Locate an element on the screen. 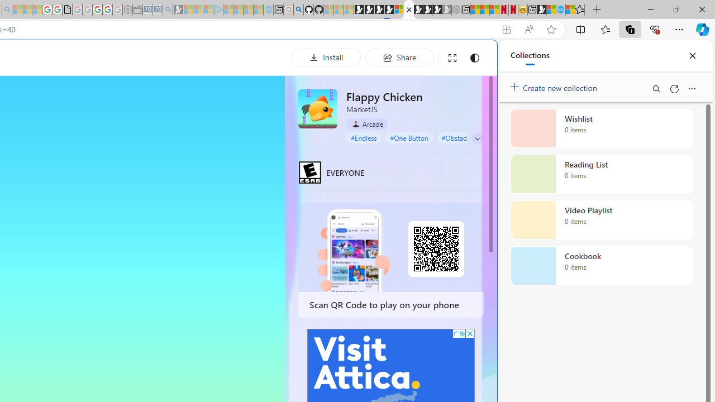  '#One Button' is located at coordinates (408, 137).